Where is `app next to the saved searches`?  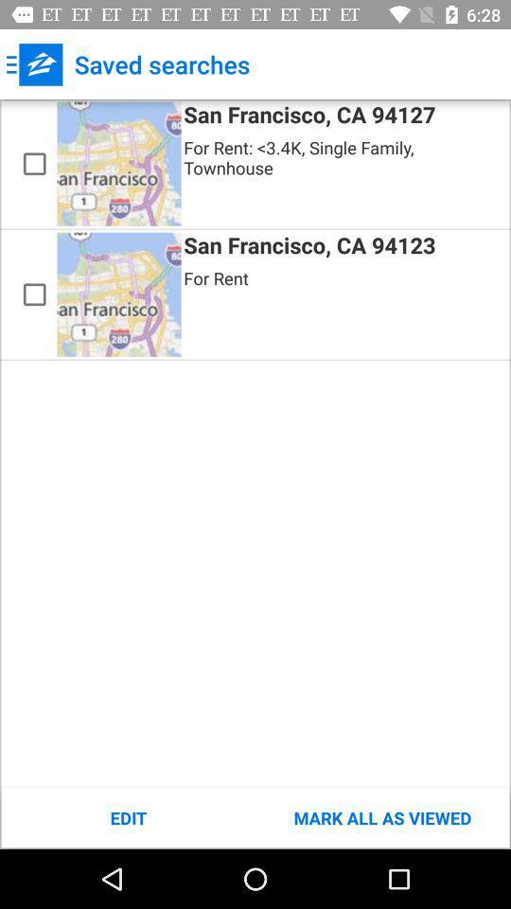 app next to the saved searches is located at coordinates (34, 64).